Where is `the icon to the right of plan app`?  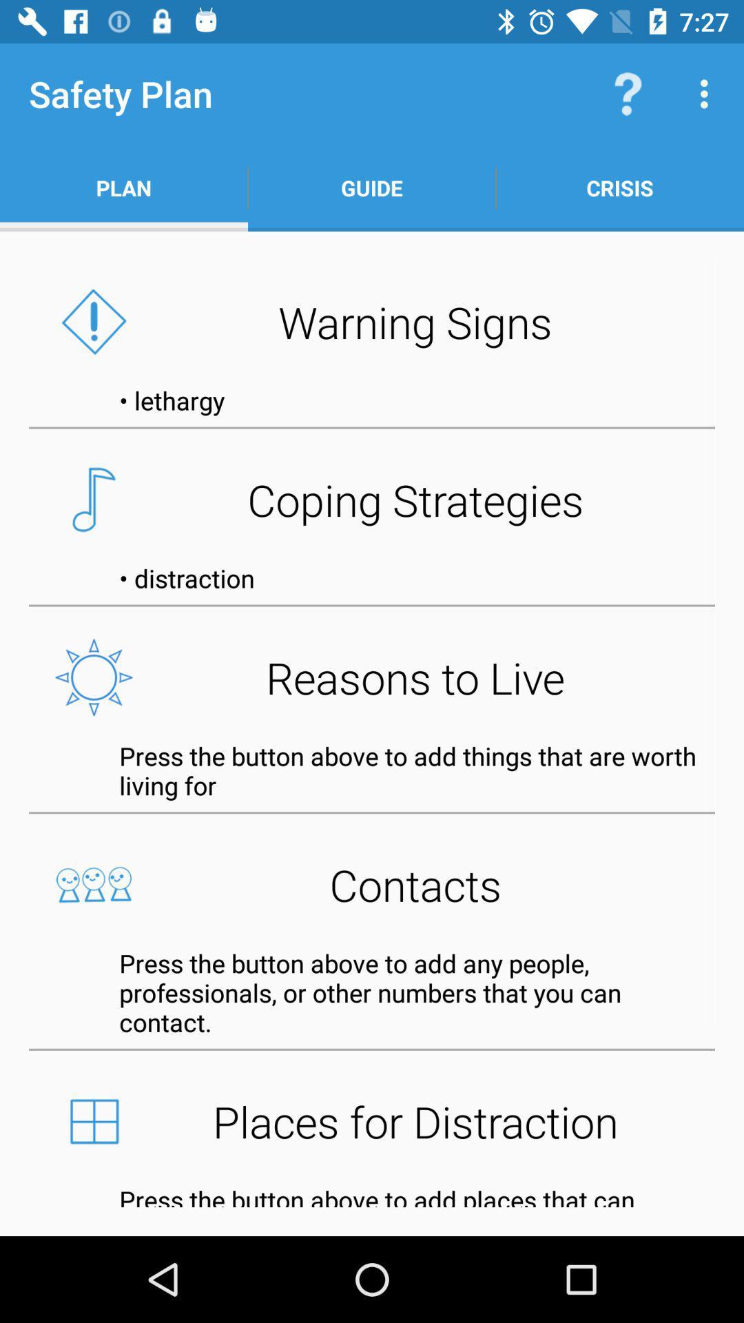
the icon to the right of plan app is located at coordinates (372, 187).